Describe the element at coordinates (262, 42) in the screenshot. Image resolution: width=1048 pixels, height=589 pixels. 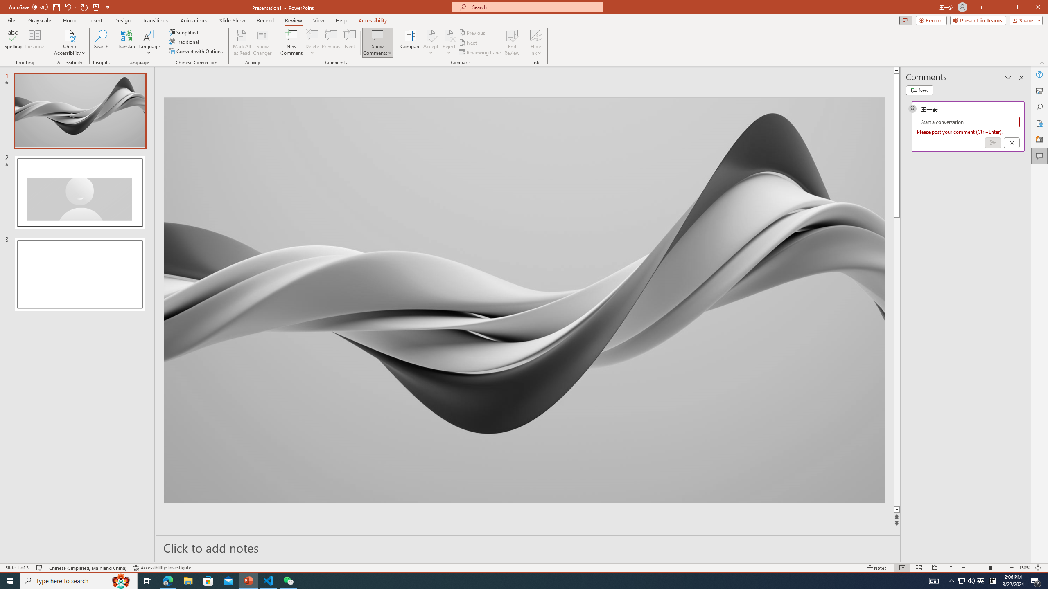
I see `'Show Changes'` at that location.